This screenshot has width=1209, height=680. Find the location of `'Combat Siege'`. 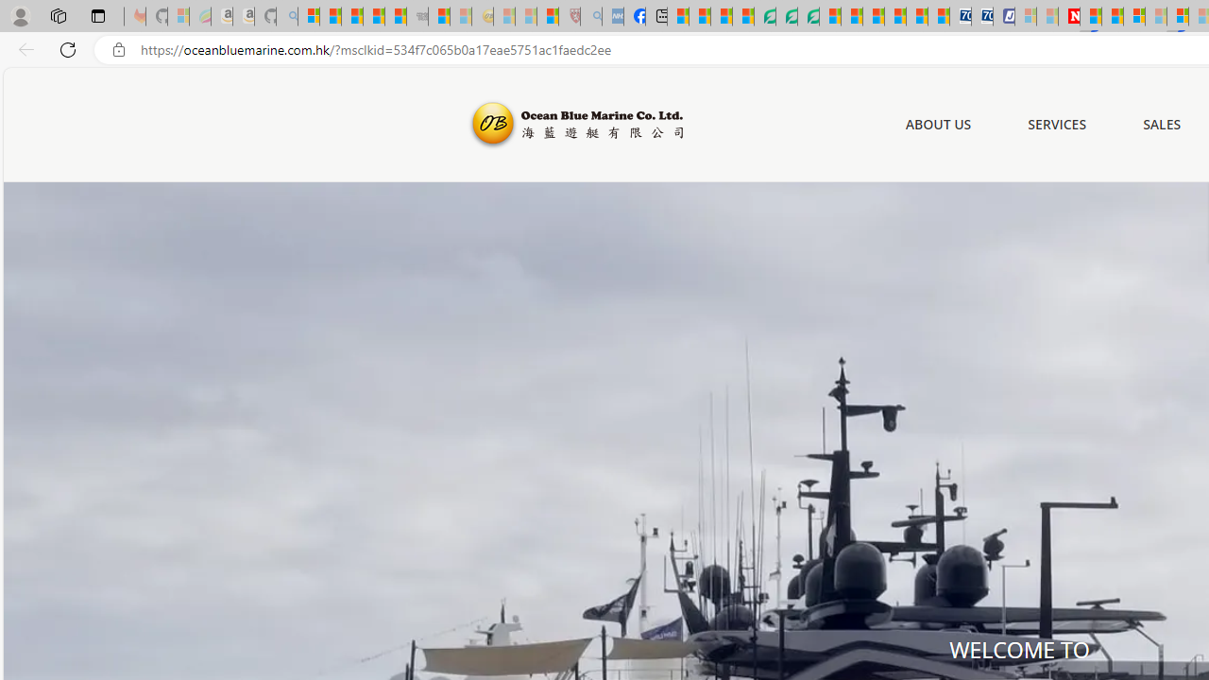

'Combat Siege' is located at coordinates (417, 16).